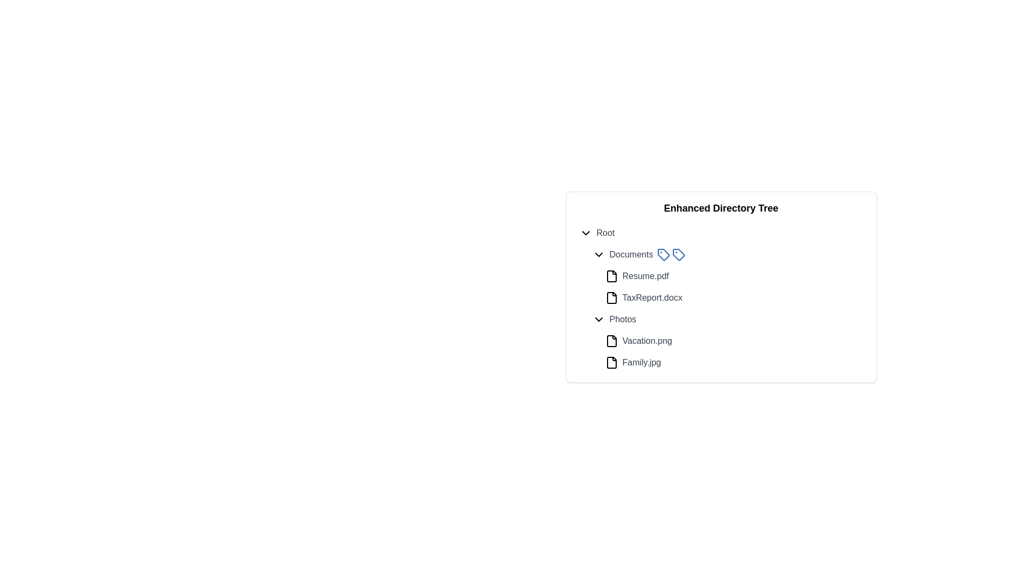 The height and width of the screenshot is (583, 1036). What do you see at coordinates (734, 297) in the screenshot?
I see `the 'TaxReport.docx' file entry in the directory tree` at bounding box center [734, 297].